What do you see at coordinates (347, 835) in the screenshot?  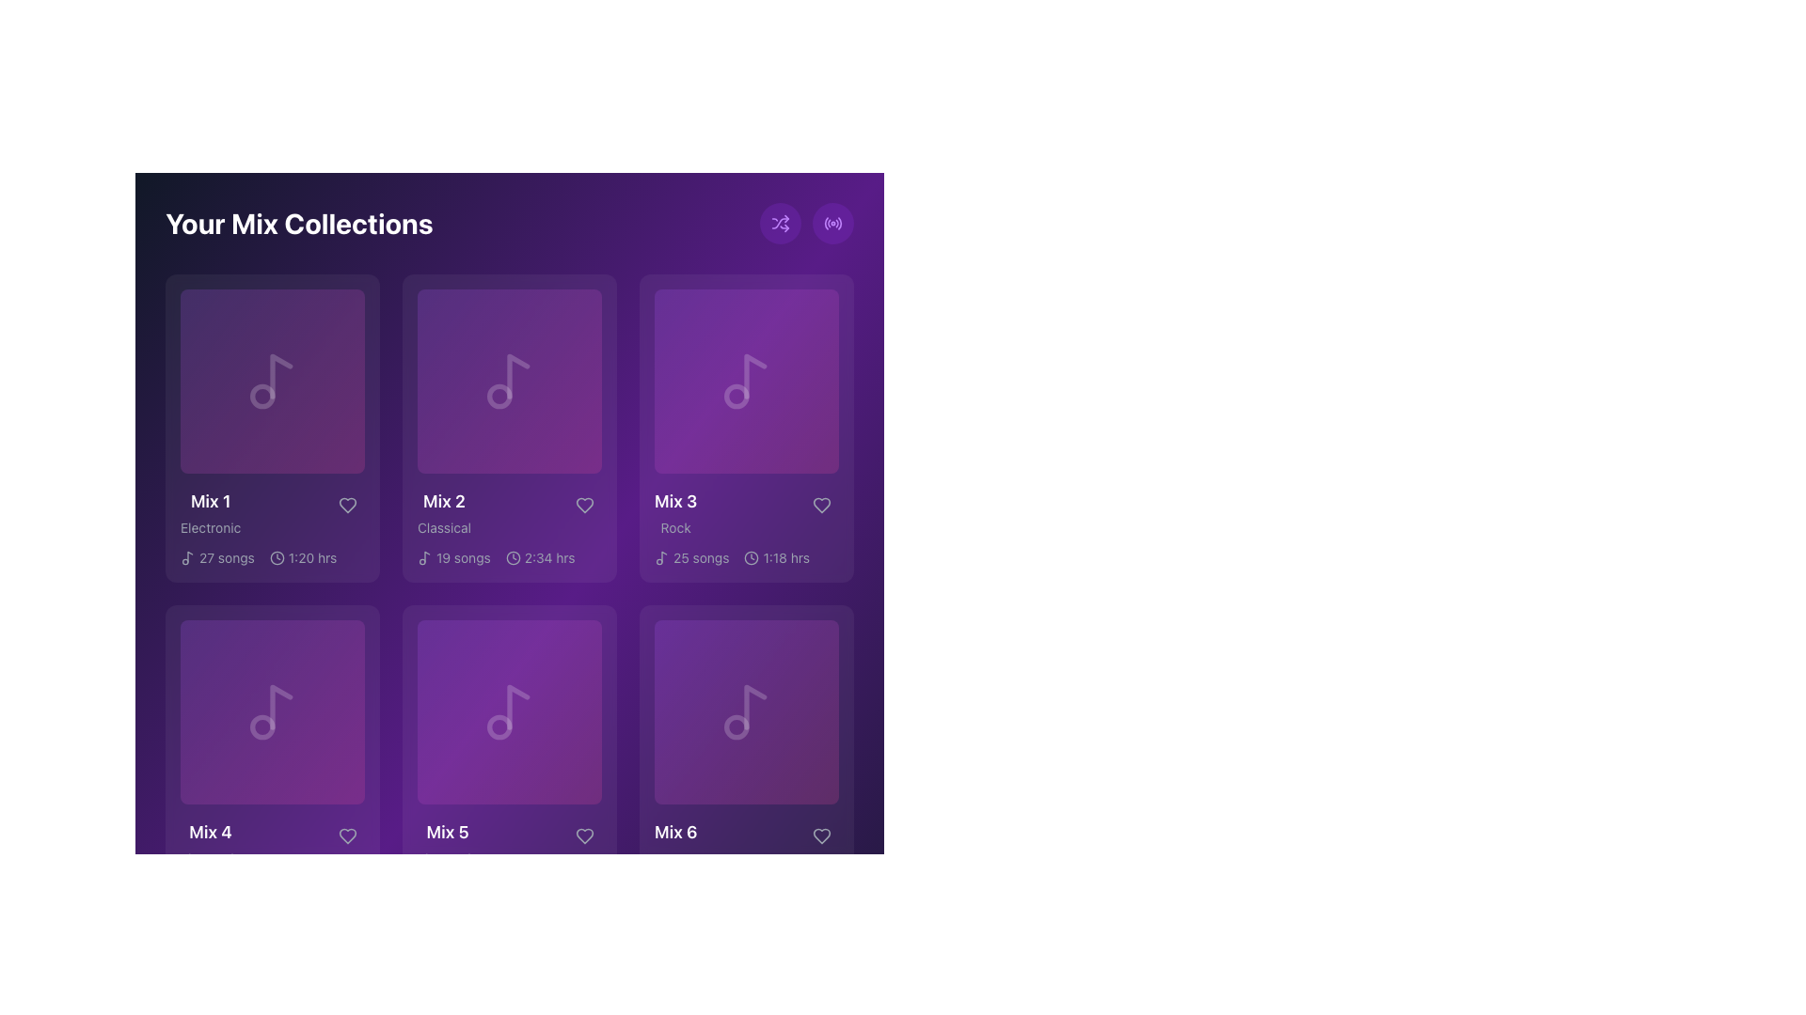 I see `the heart icon located at the bottom-right corner of the 'Mix 4' card` at bounding box center [347, 835].